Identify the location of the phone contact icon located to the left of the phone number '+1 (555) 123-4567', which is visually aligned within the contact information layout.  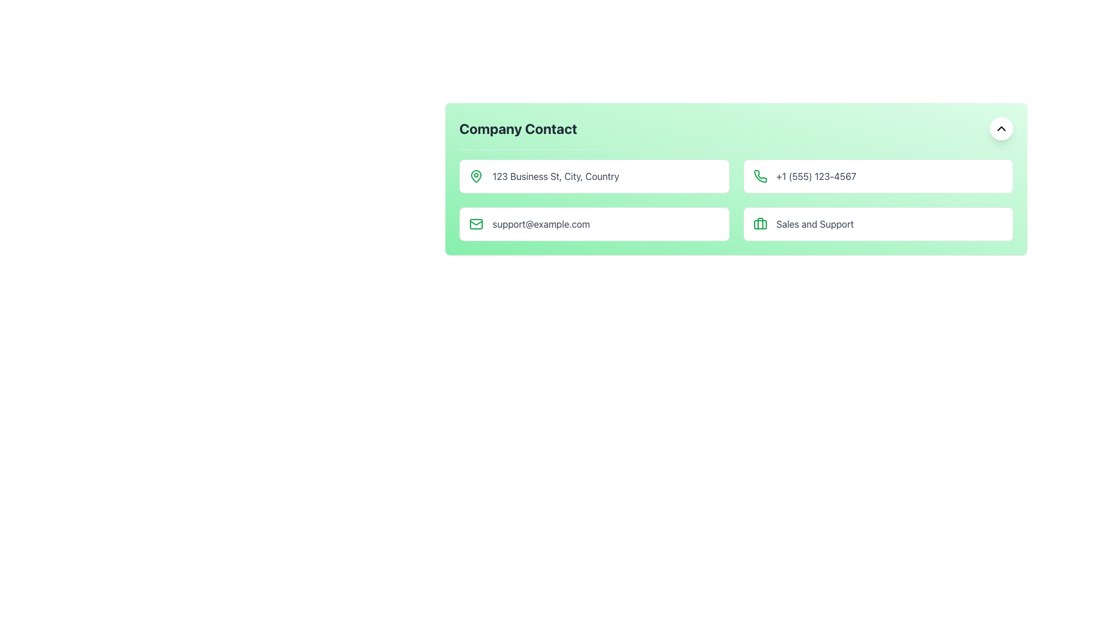
(760, 176).